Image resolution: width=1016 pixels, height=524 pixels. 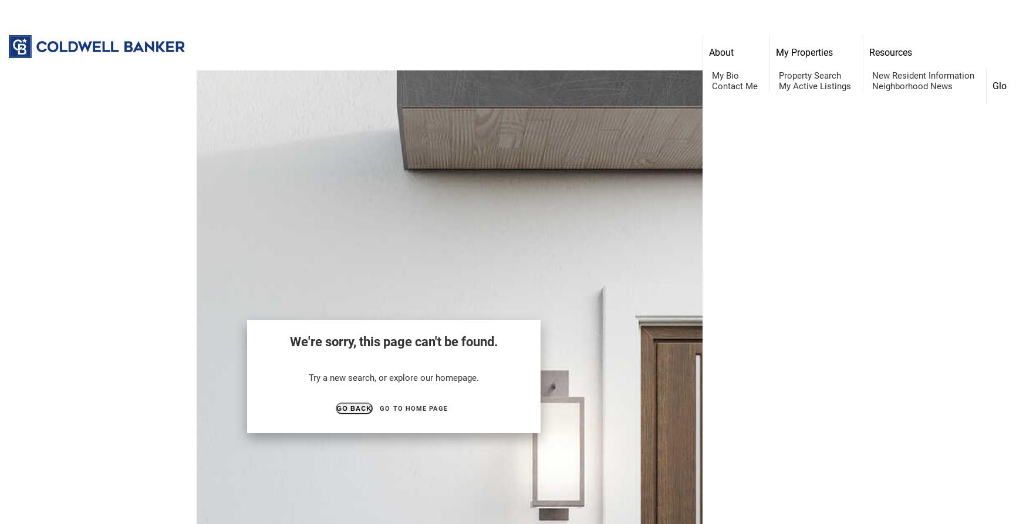 What do you see at coordinates (803, 52) in the screenshot?
I see `'My Properties'` at bounding box center [803, 52].